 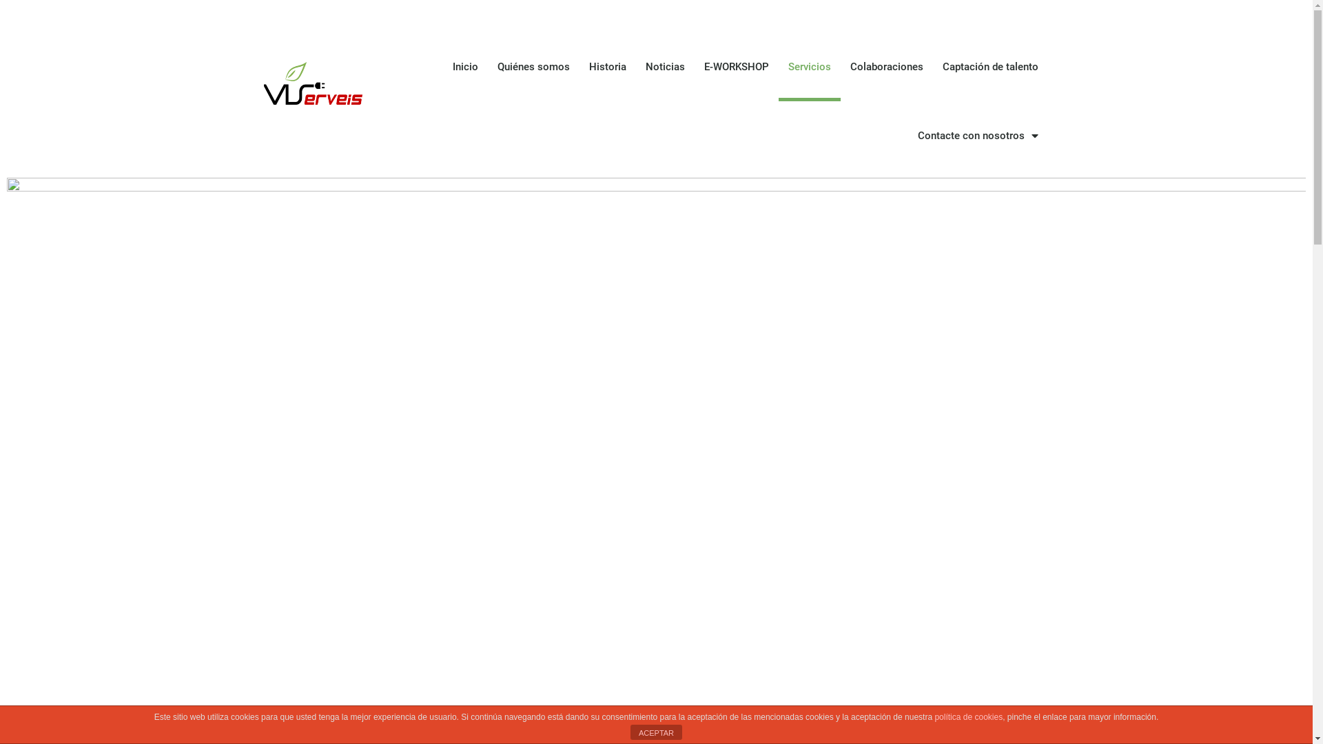 I want to click on 'Noticias', so click(x=665, y=66).